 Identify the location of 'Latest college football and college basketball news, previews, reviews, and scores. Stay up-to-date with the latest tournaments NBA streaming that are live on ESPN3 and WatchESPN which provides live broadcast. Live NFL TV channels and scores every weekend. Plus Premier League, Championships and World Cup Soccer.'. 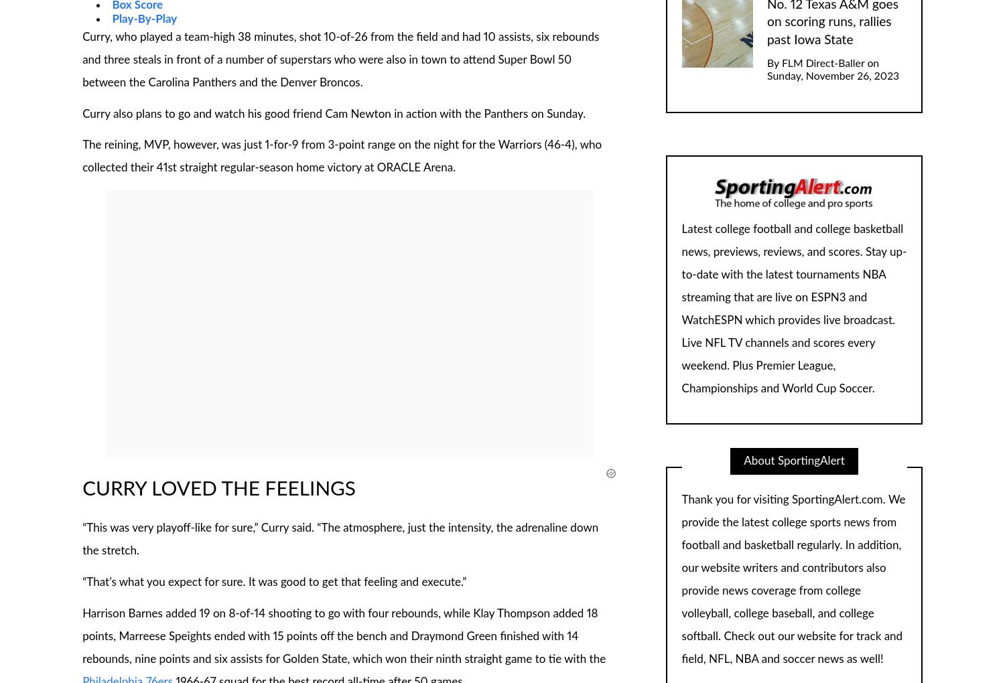
(681, 307).